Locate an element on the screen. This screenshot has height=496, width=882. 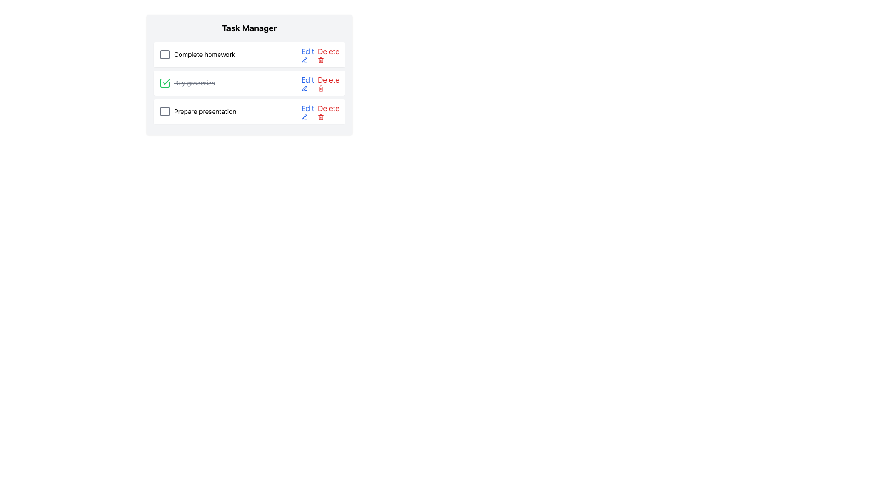
the edit icon located to the left of the 'Edit' text for the 'Buy groceries' task in the task list is located at coordinates (305, 88).